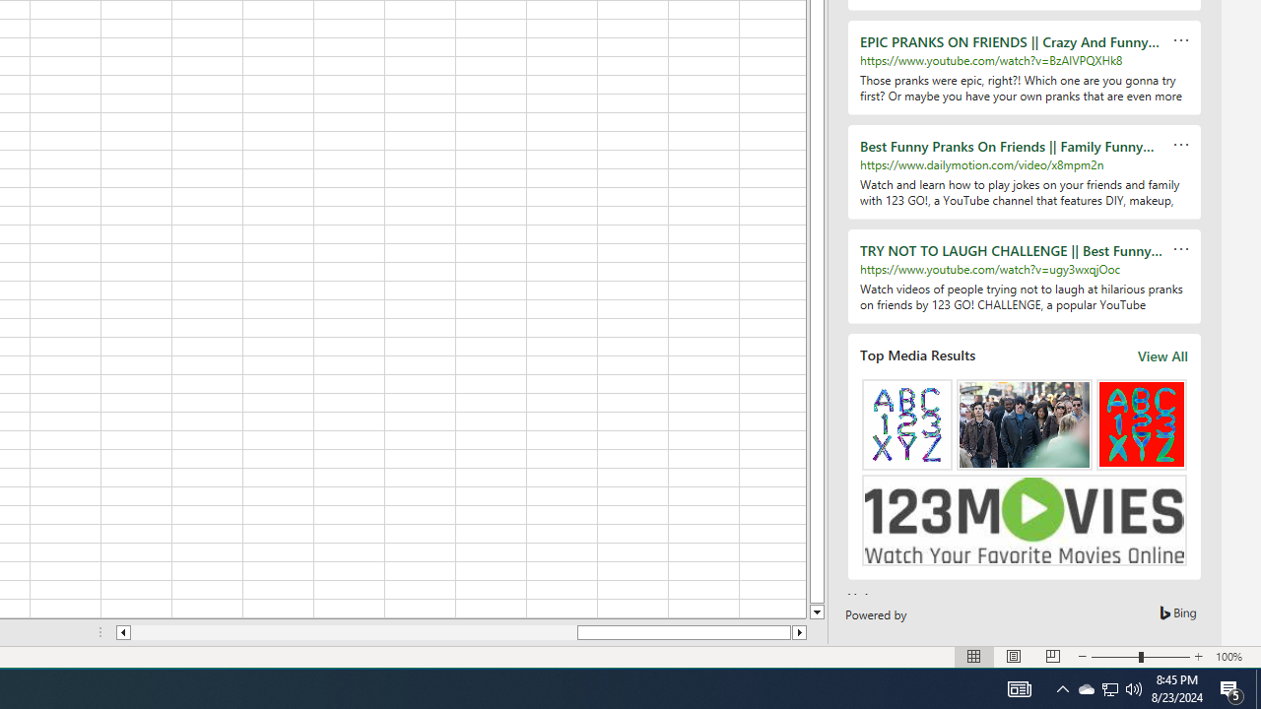 Image resolution: width=1261 pixels, height=709 pixels. I want to click on 'AutomationID: 4105', so click(1019, 687).